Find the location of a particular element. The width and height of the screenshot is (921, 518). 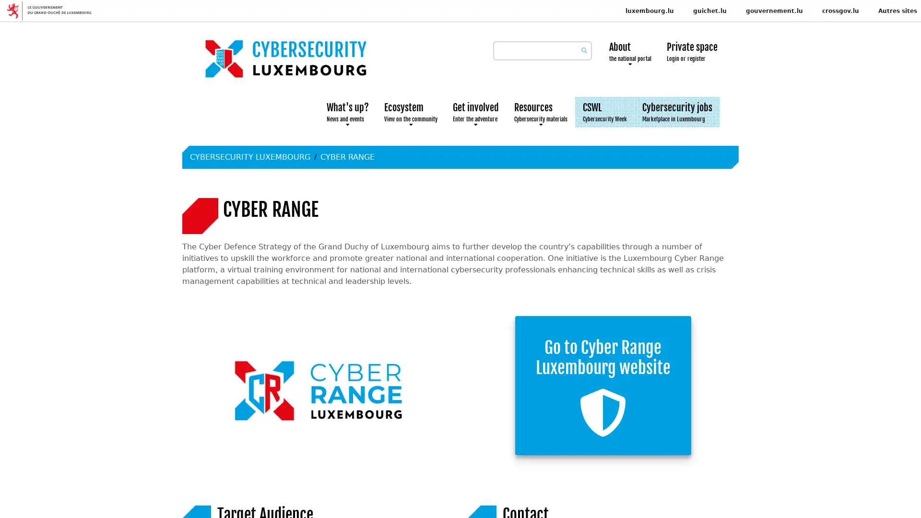

CSWL Cybersecurity Week is located at coordinates (604, 112).